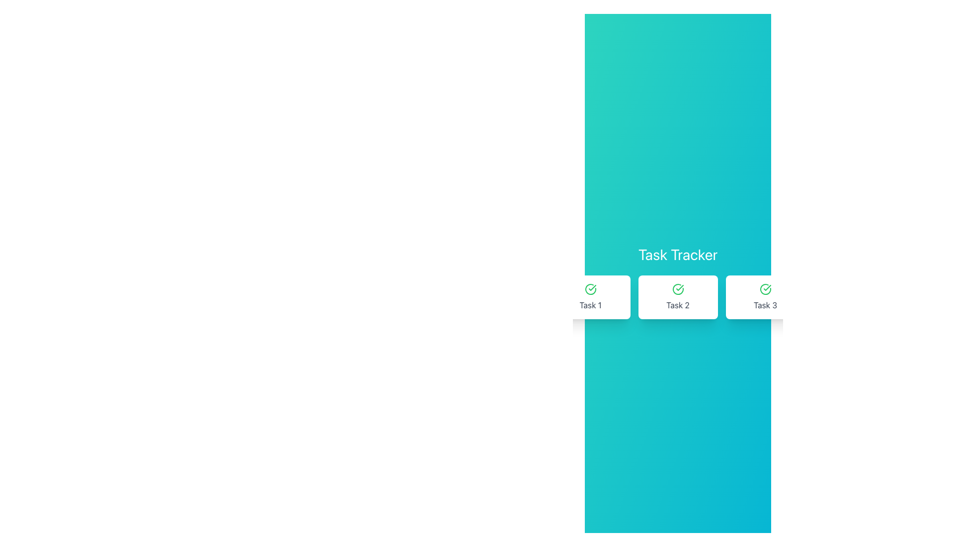 Image resolution: width=954 pixels, height=537 pixels. What do you see at coordinates (590, 304) in the screenshot?
I see `the 'Task 1' text label, which is styled in gray and` at bounding box center [590, 304].